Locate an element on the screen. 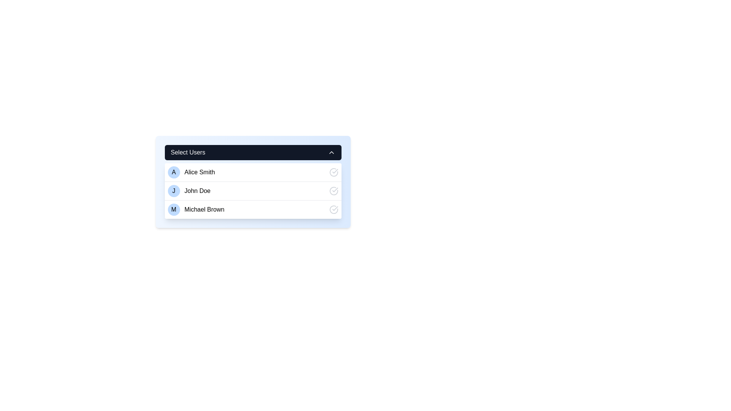  the circular badge with a light blue background containing the letter 'A' in bold black font, located to the left of 'Alice Smith' in the user selection panel is located at coordinates (173, 172).